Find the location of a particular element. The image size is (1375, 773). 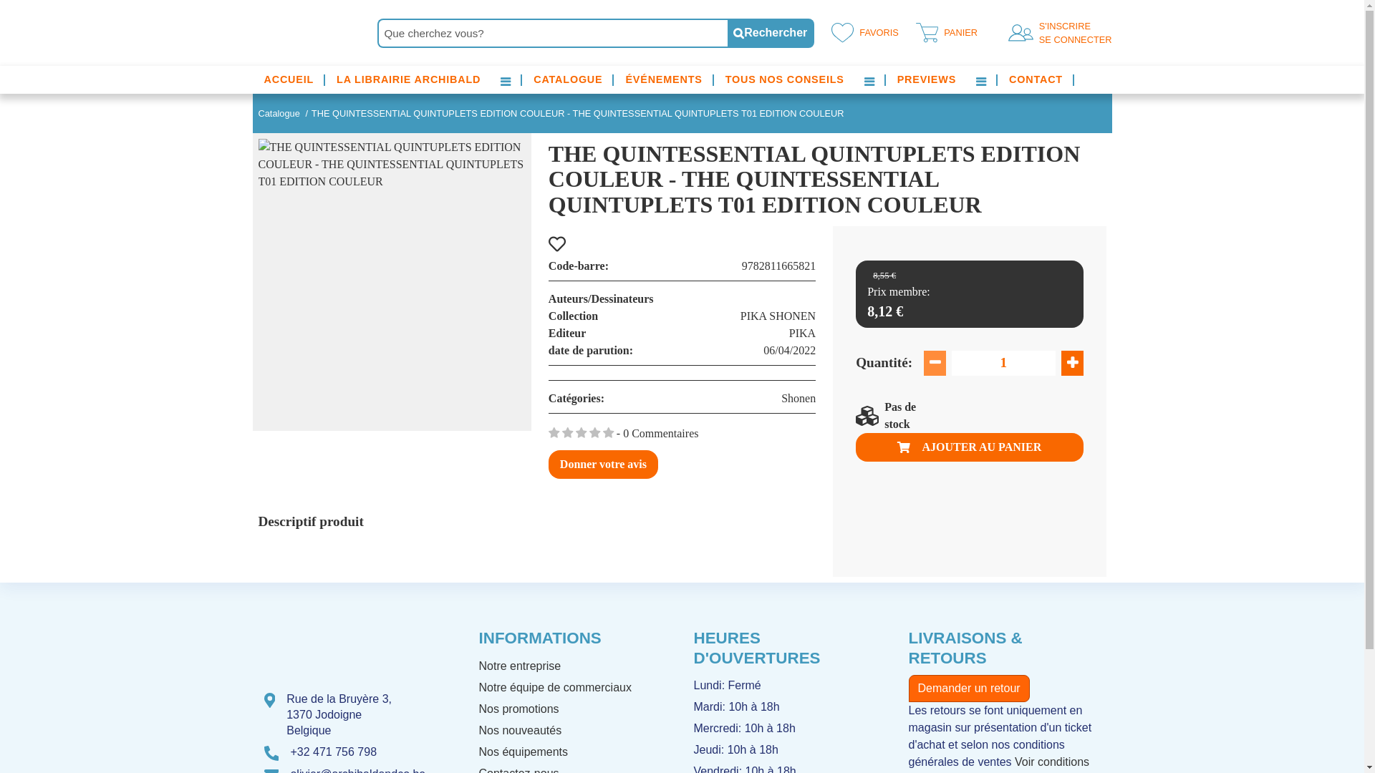

'CONTACT' is located at coordinates (1036, 79).